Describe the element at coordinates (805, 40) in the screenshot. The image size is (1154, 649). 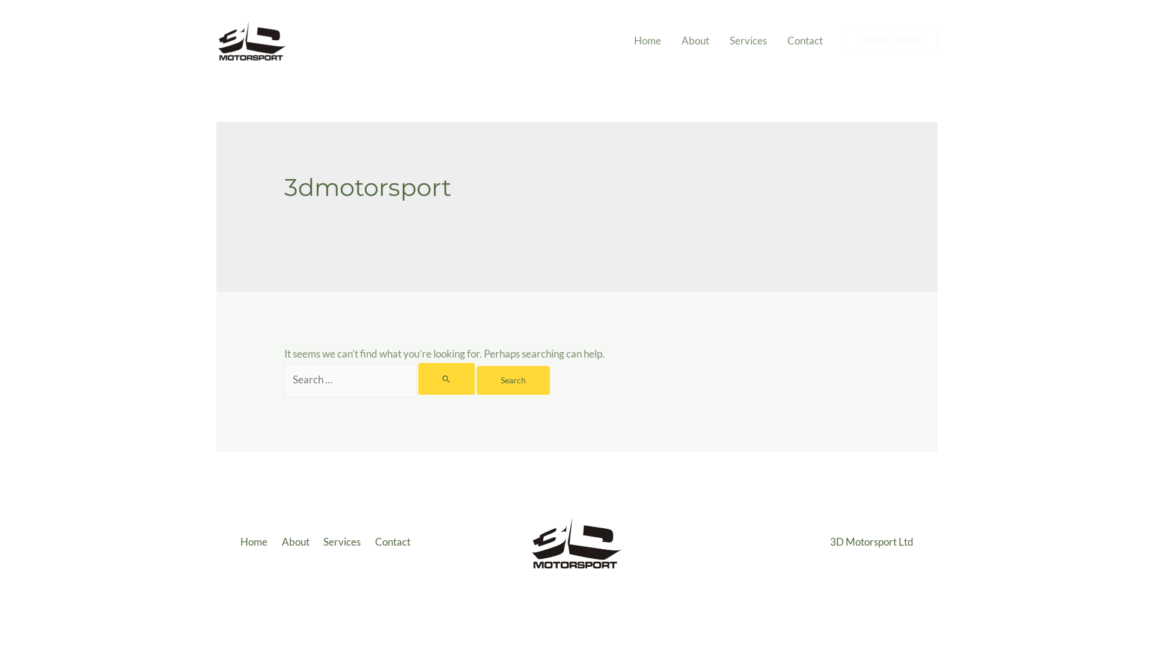
I see `'Contact'` at that location.